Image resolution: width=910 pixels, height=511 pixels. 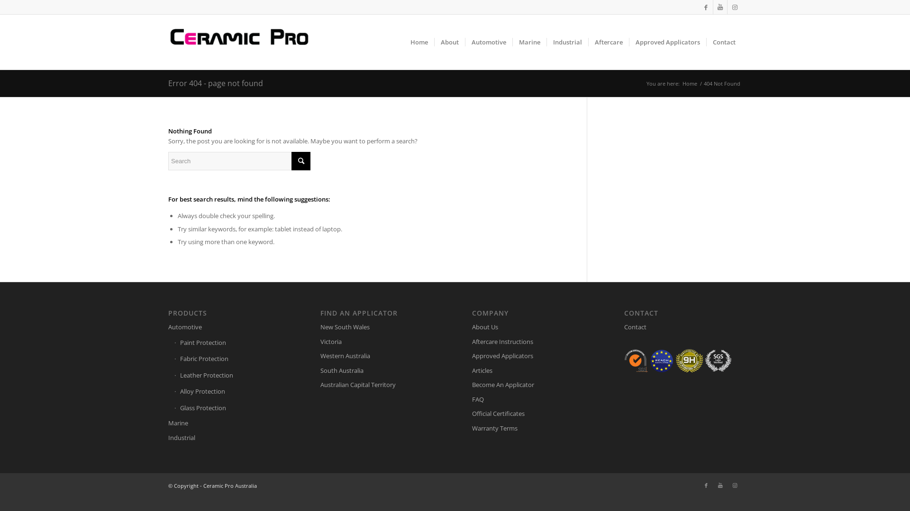 I want to click on 'Error 404 - page not found', so click(x=215, y=83).